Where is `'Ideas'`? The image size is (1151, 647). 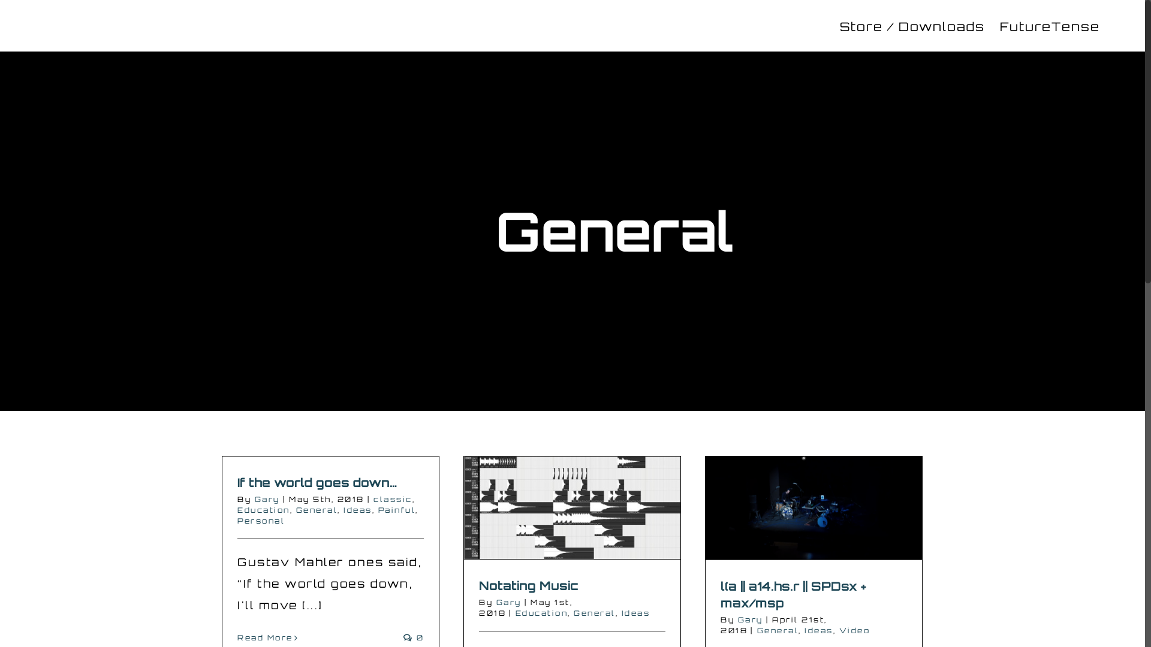
'Ideas' is located at coordinates (357, 510).